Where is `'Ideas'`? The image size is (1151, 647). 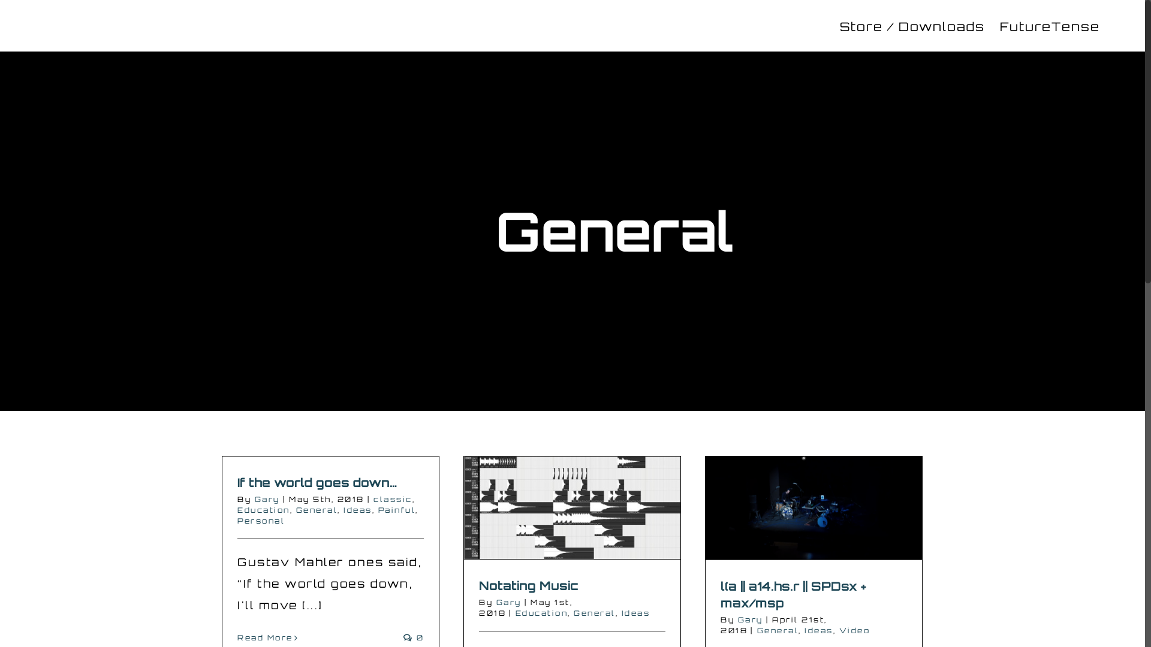
'Ideas' is located at coordinates (357, 510).